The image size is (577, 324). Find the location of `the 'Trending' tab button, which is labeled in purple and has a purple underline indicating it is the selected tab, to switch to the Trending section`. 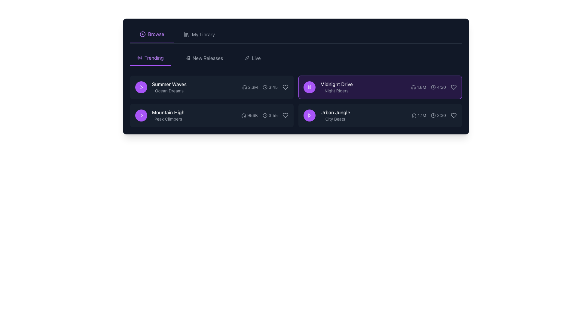

the 'Trending' tab button, which is labeled in purple and has a purple underline indicating it is the selected tab, to switch to the Trending section is located at coordinates (150, 58).